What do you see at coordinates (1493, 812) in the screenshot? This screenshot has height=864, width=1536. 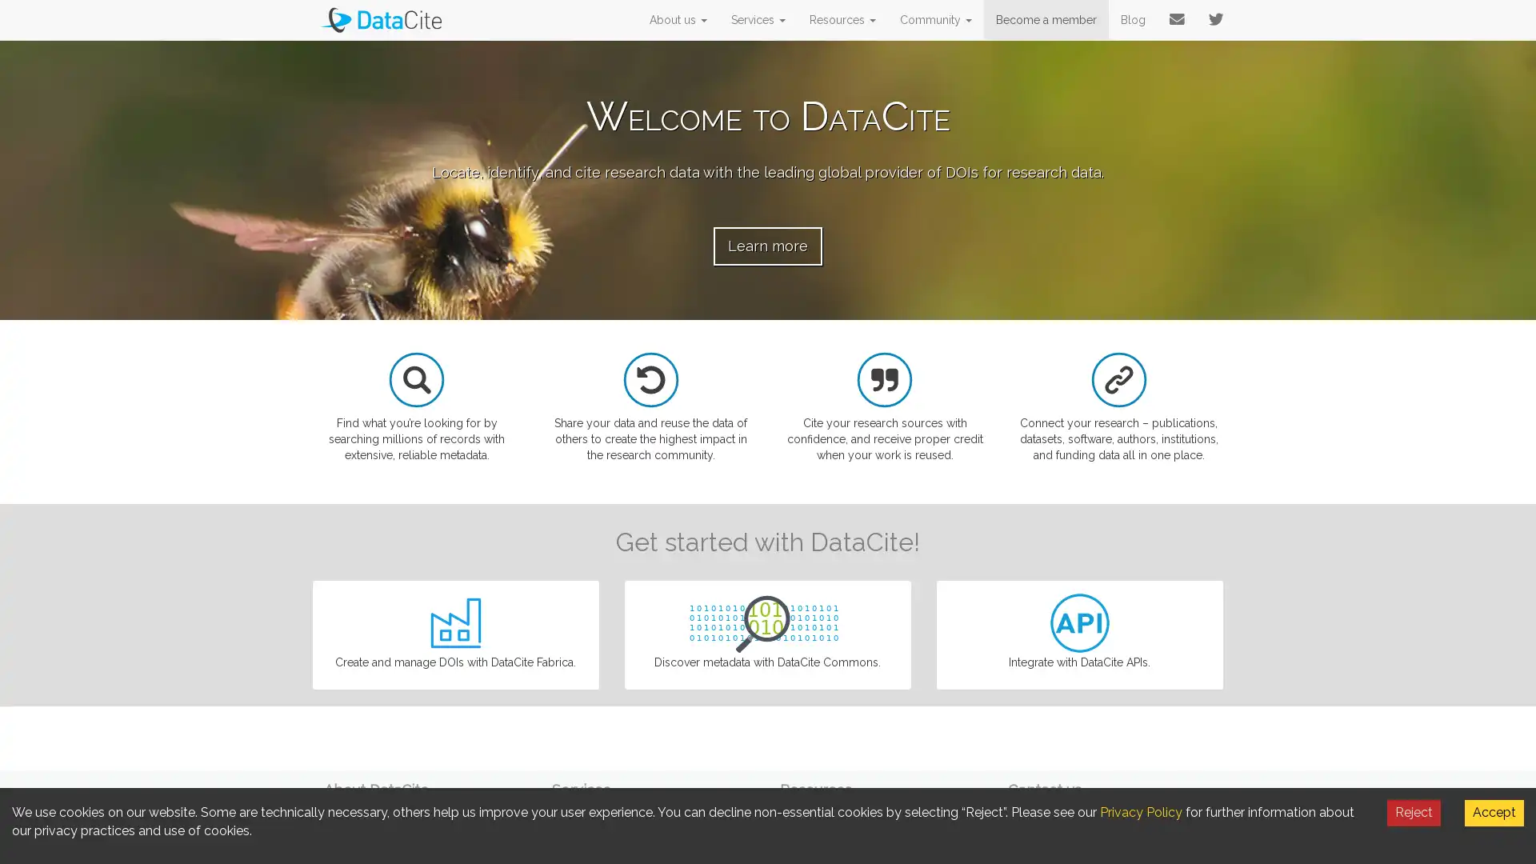 I see `Accept cookies` at bounding box center [1493, 812].